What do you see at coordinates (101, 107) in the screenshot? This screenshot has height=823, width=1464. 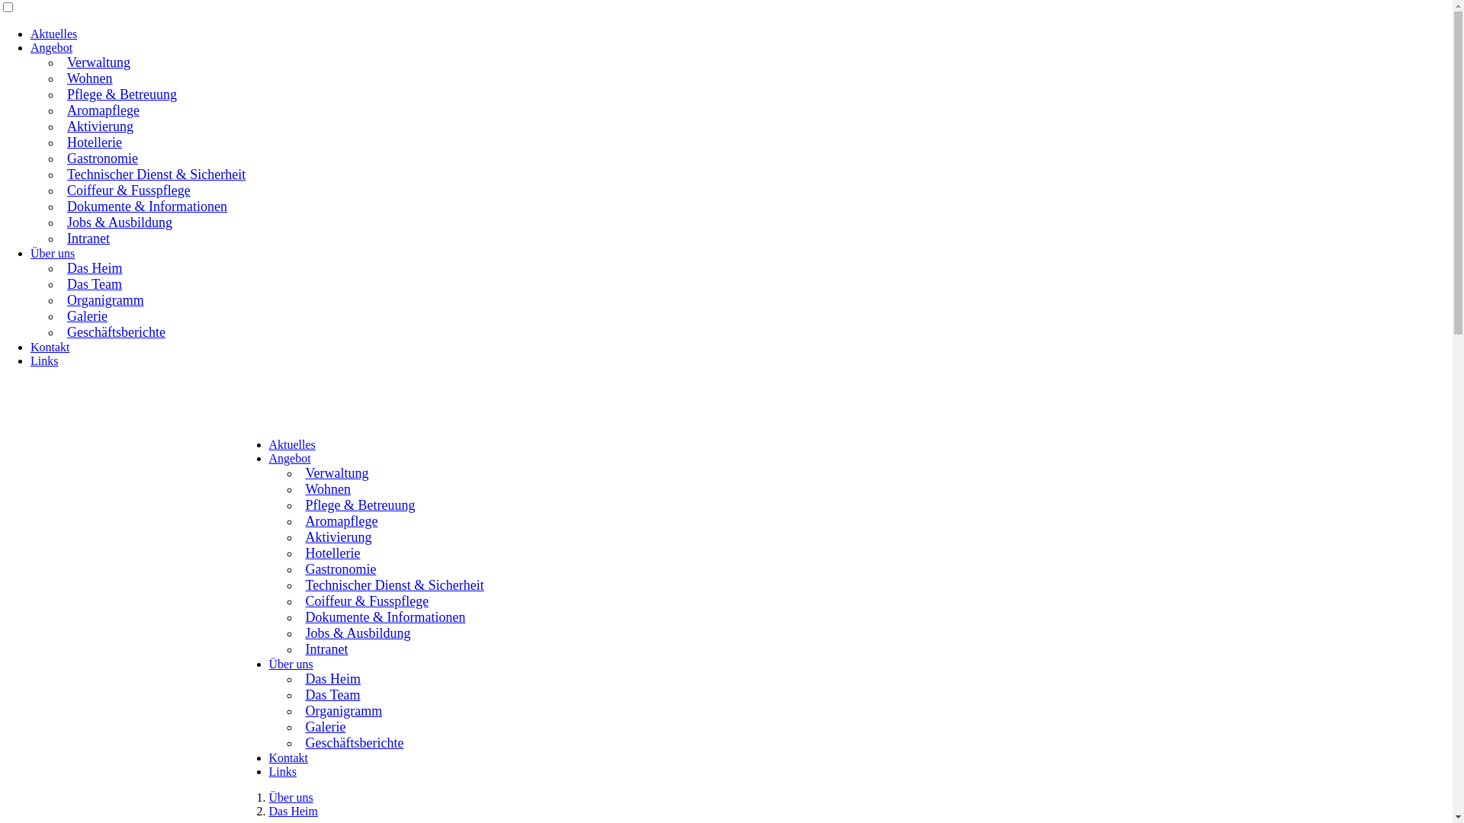 I see `'Aromapflege'` at bounding box center [101, 107].